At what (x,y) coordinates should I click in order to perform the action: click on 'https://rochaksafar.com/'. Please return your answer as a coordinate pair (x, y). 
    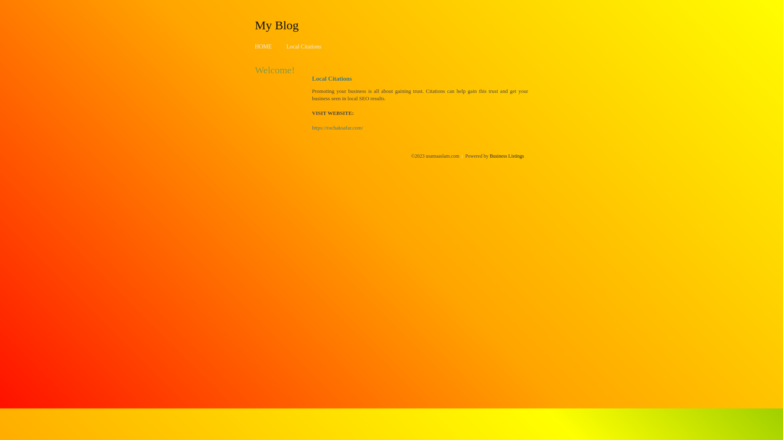
    Looking at the image, I should click on (337, 128).